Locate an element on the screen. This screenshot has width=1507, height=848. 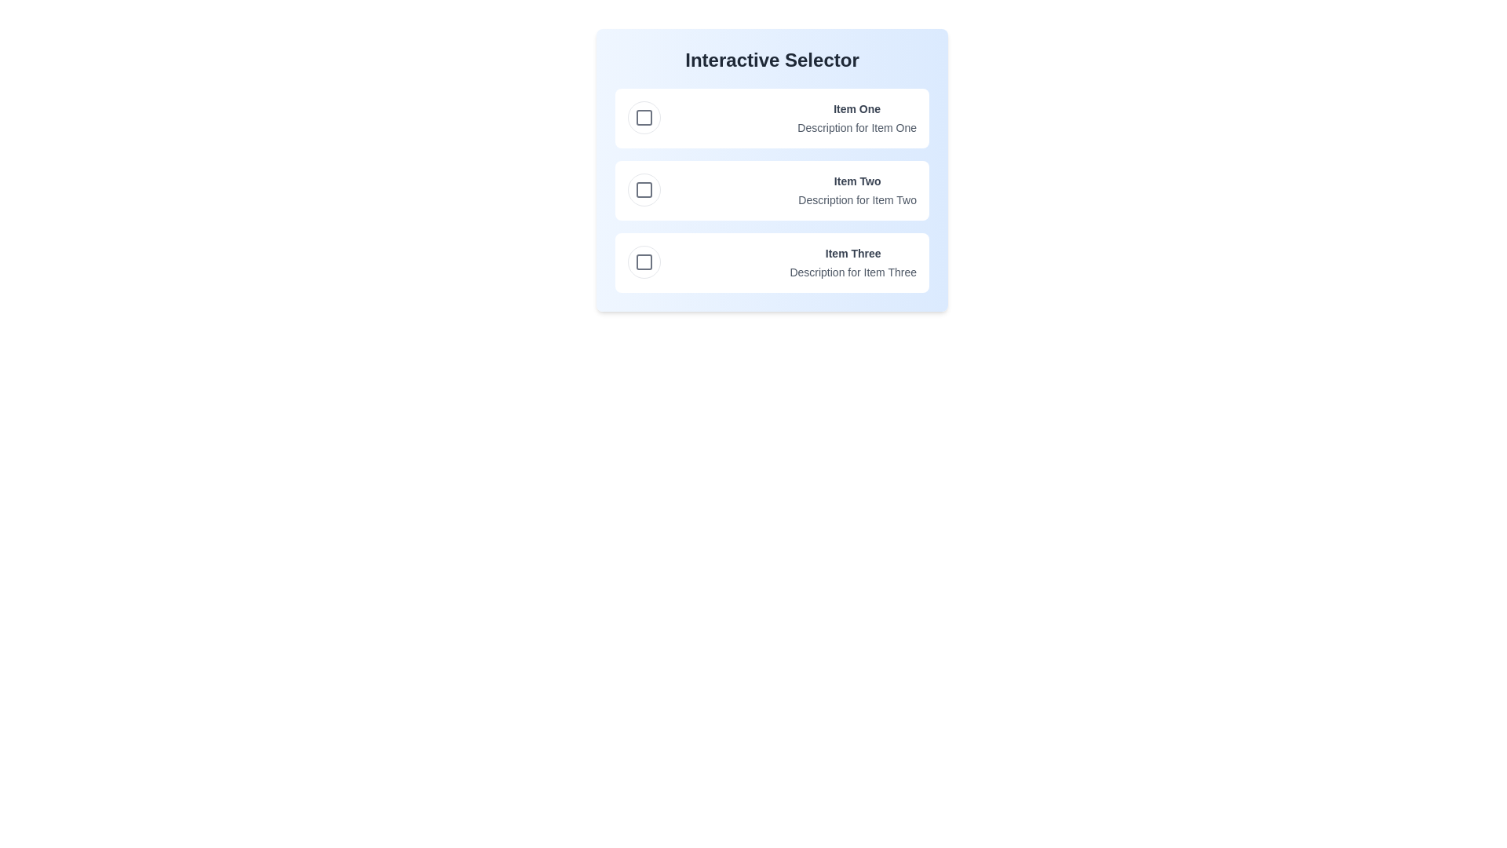
the text label that reads 'Description for Item Two', which is located below the bold text 'Item Two' in the central section of the UI is located at coordinates (856, 199).